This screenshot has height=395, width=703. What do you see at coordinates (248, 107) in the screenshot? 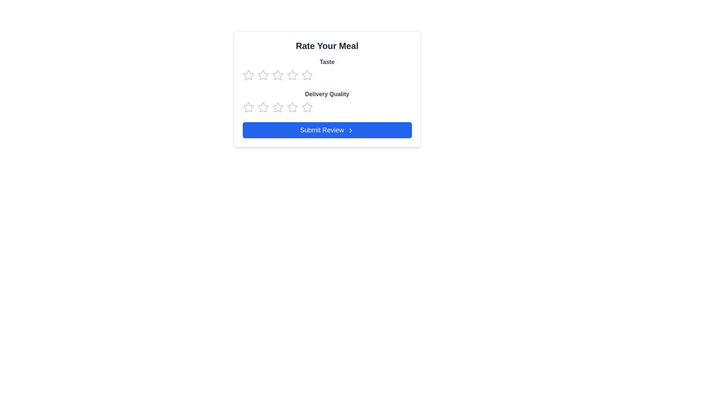
I see `the first interactive star icon in the rating section to indicate the lowest rating for 'Delivery Quality'` at bounding box center [248, 107].